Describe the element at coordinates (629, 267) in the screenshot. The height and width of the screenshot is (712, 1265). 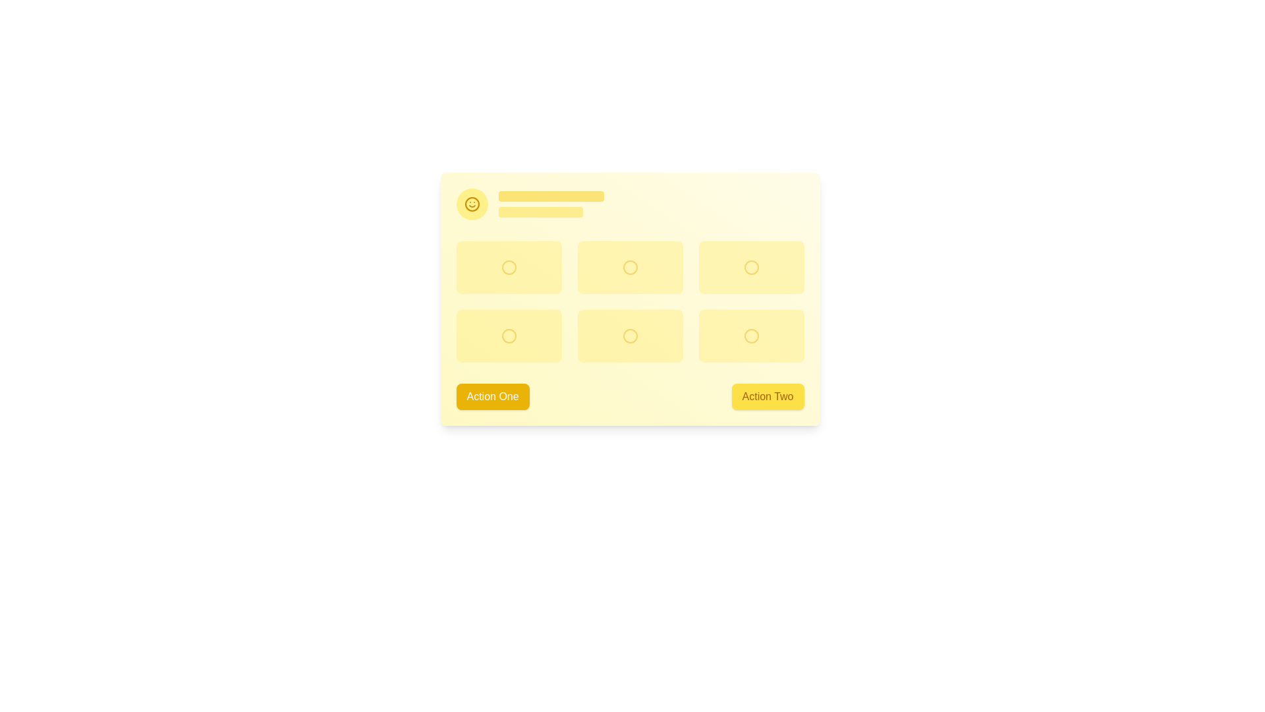
I see `the card or button-style block located in the second column of the first row of the 3x3 grid layout` at that location.